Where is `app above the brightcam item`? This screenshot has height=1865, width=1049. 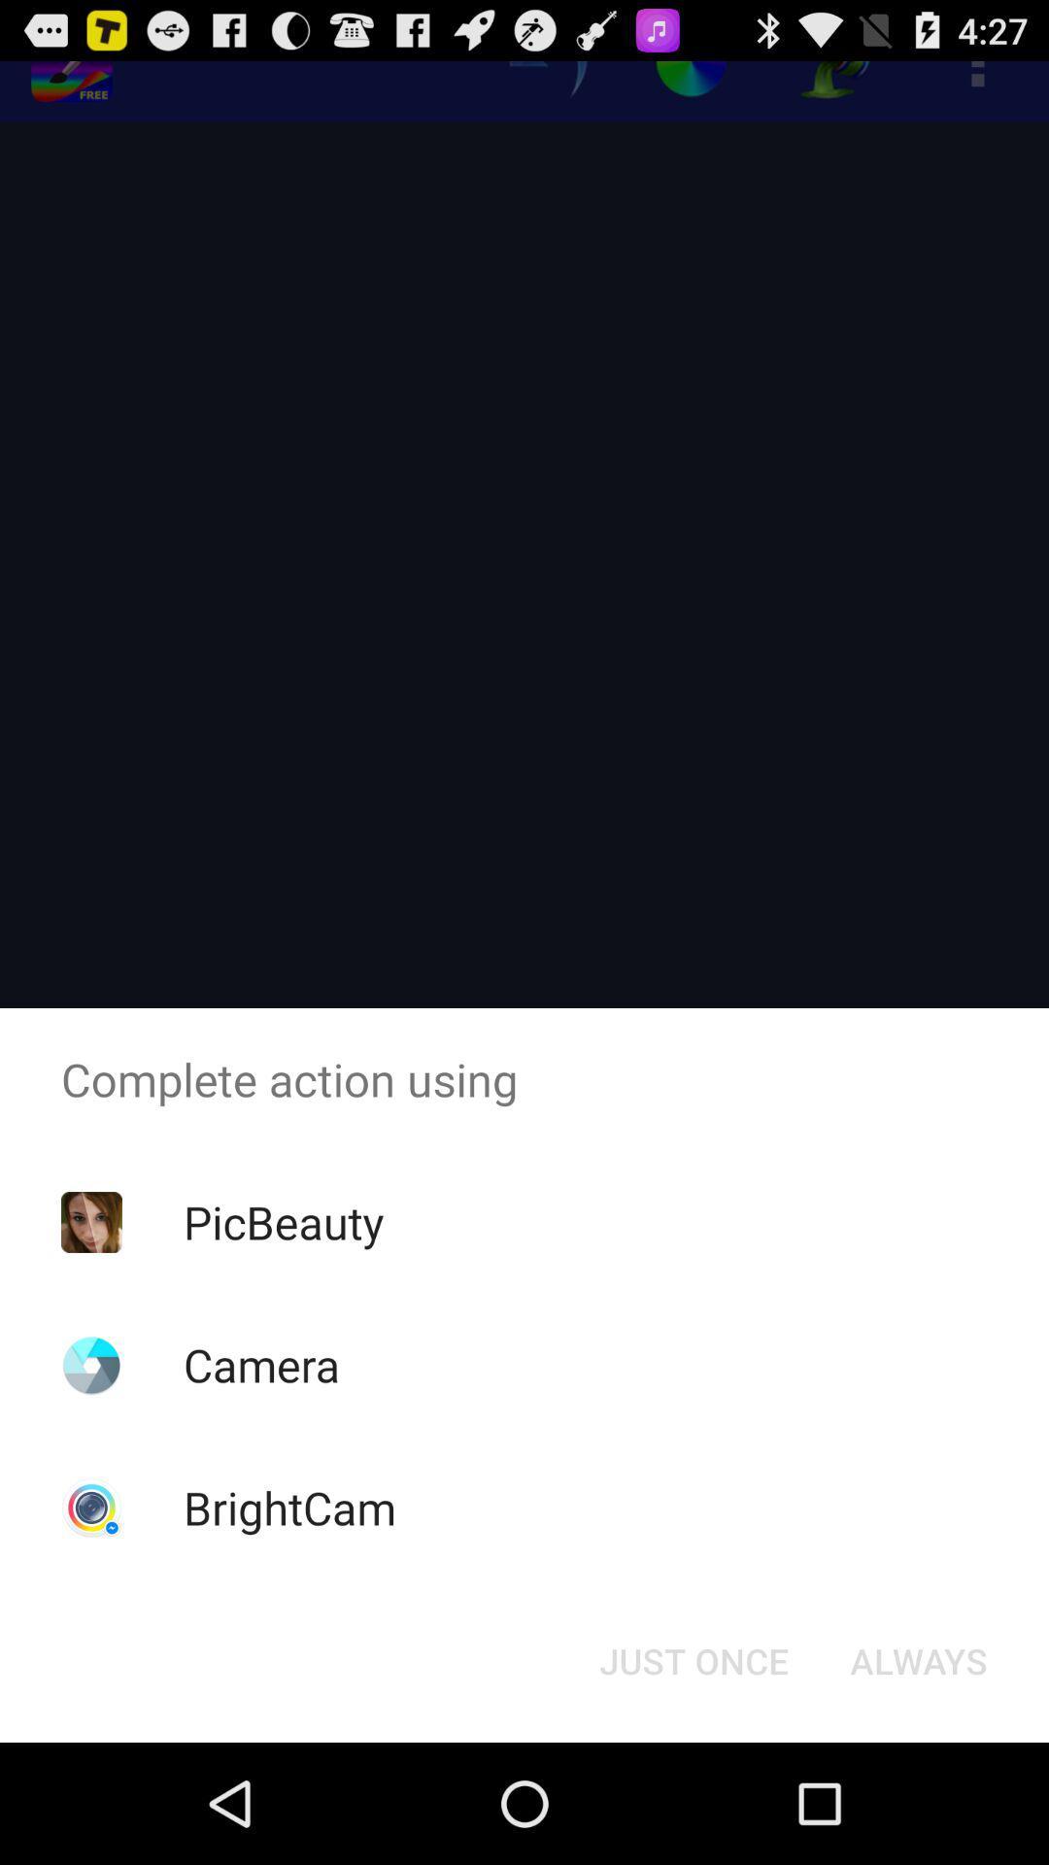
app above the brightcam item is located at coordinates (260, 1364).